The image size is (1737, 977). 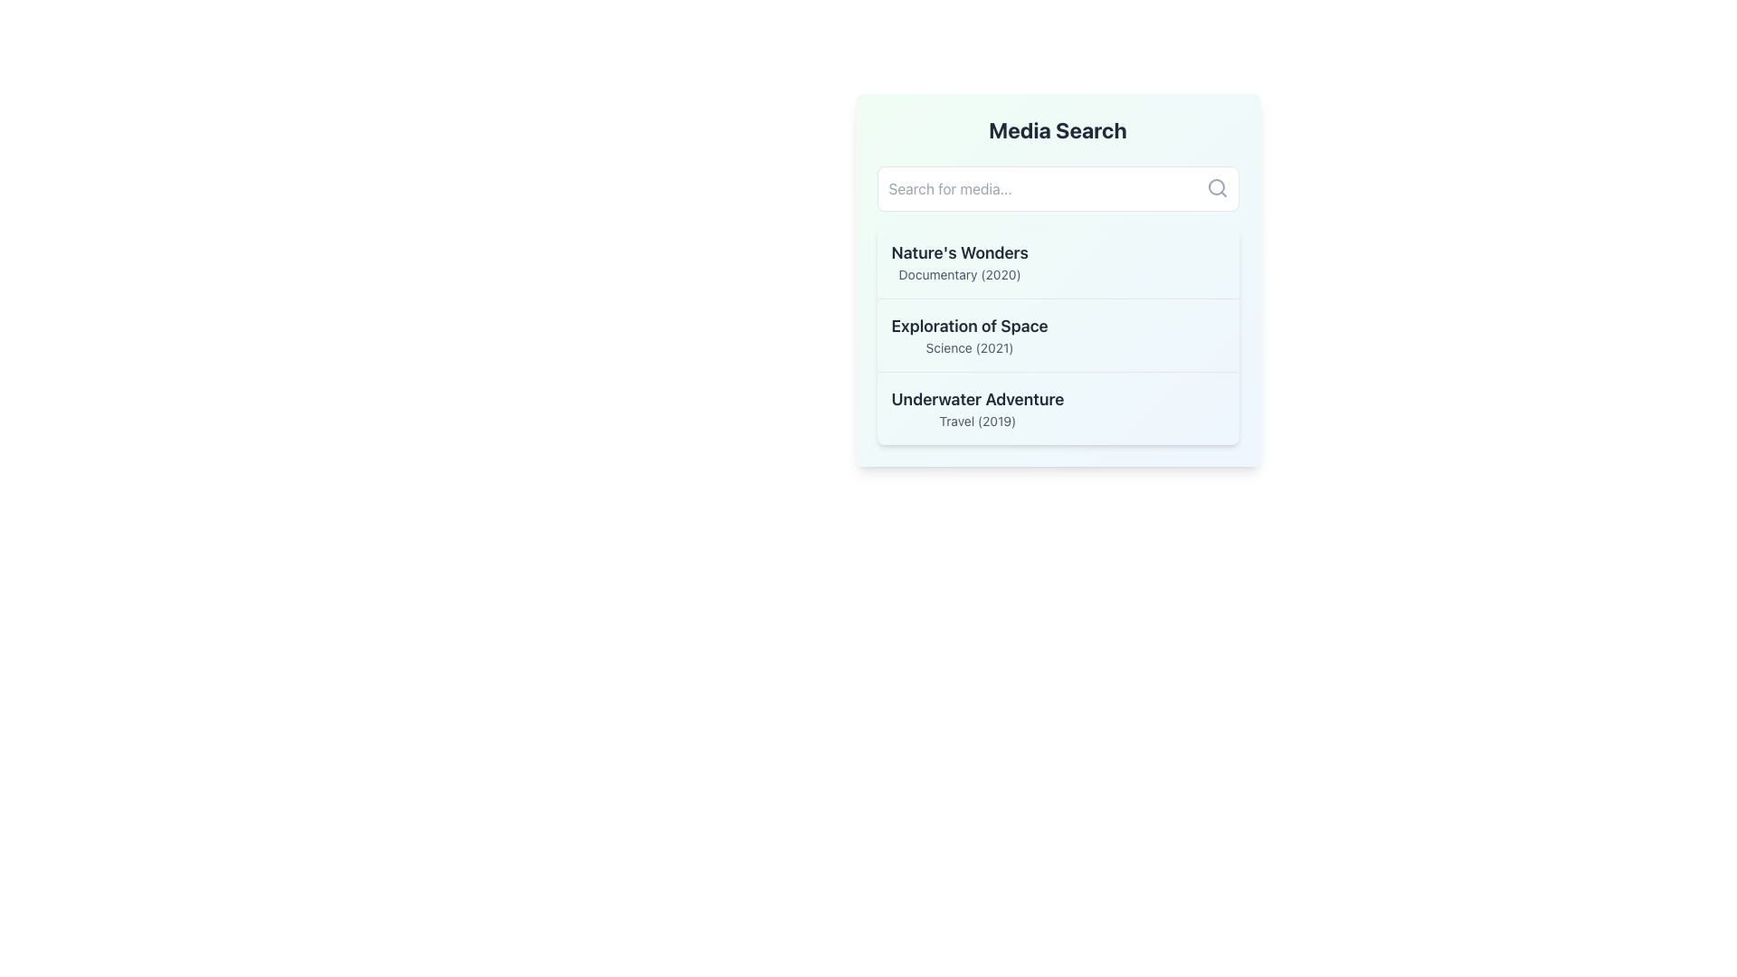 What do you see at coordinates (976, 408) in the screenshot?
I see `the third list item titled 'Underwater Adventure' in the 'Media Search' interface` at bounding box center [976, 408].